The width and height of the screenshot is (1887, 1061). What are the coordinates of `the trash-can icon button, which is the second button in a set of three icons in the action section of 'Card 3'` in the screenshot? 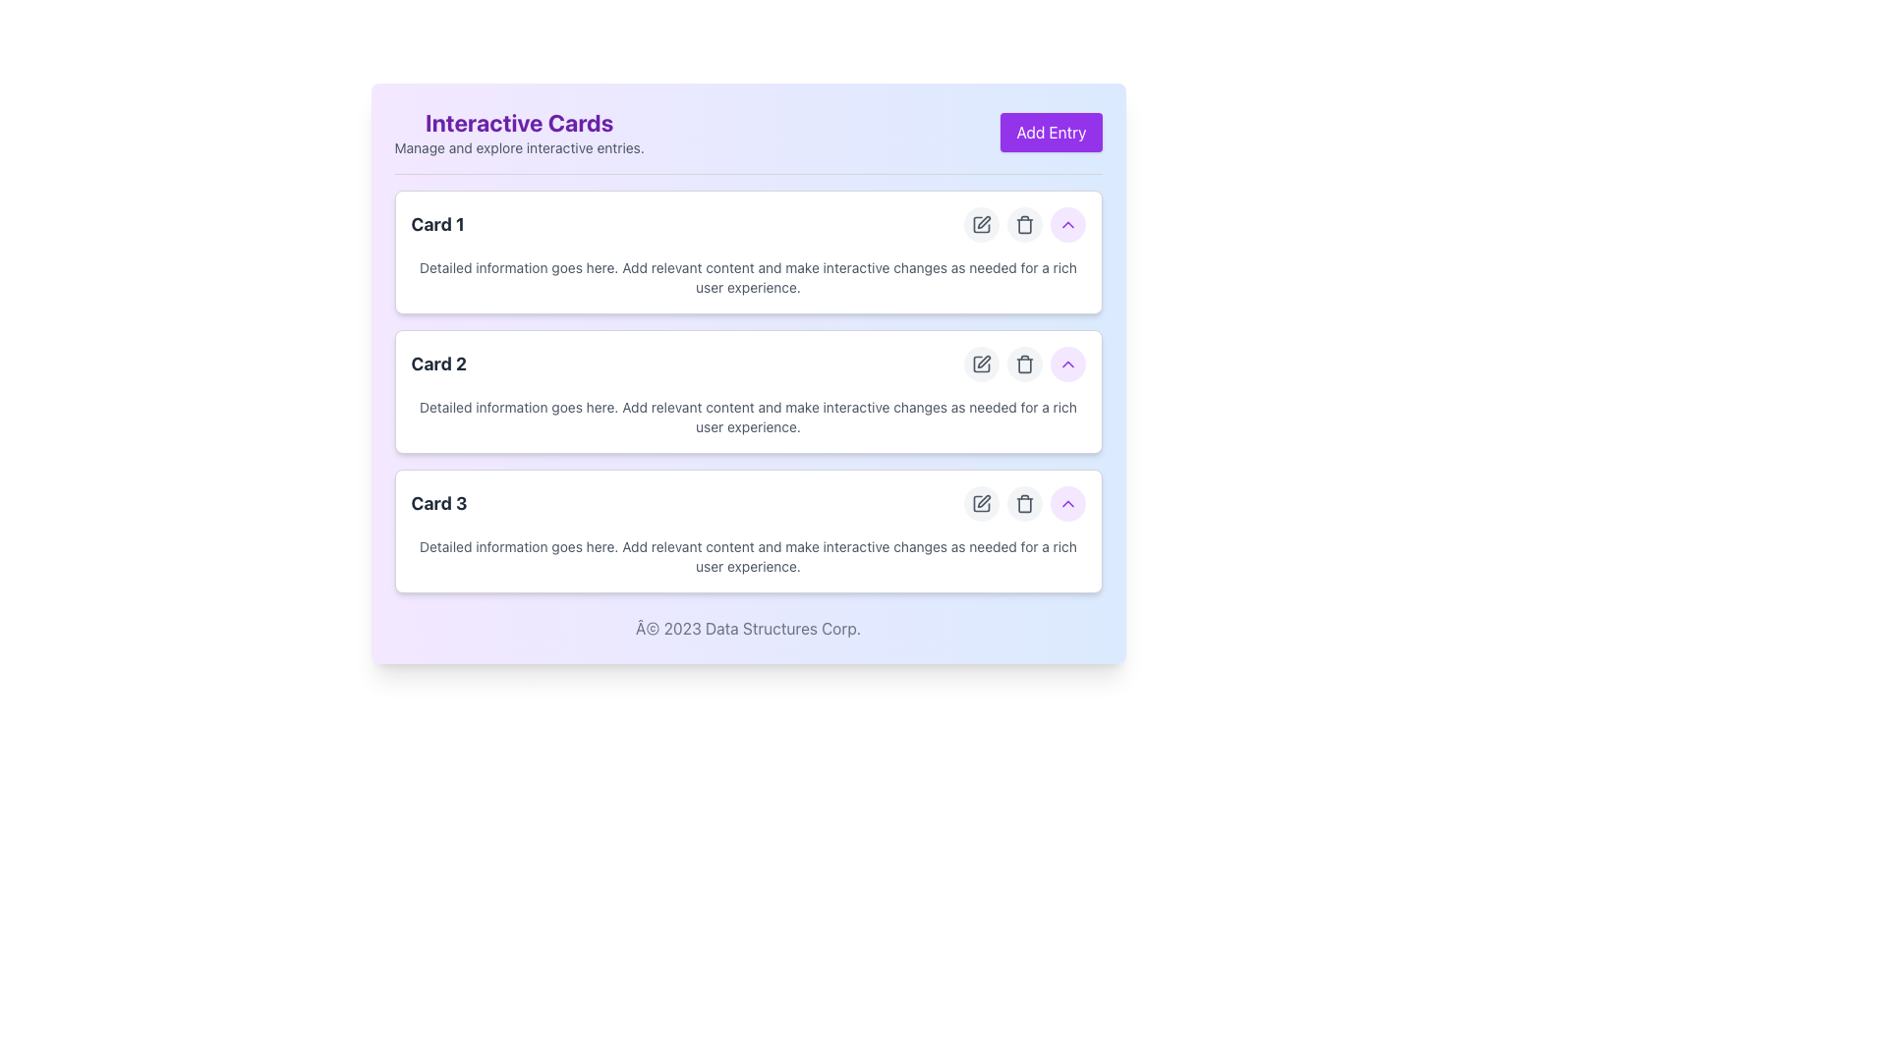 It's located at (1023, 503).